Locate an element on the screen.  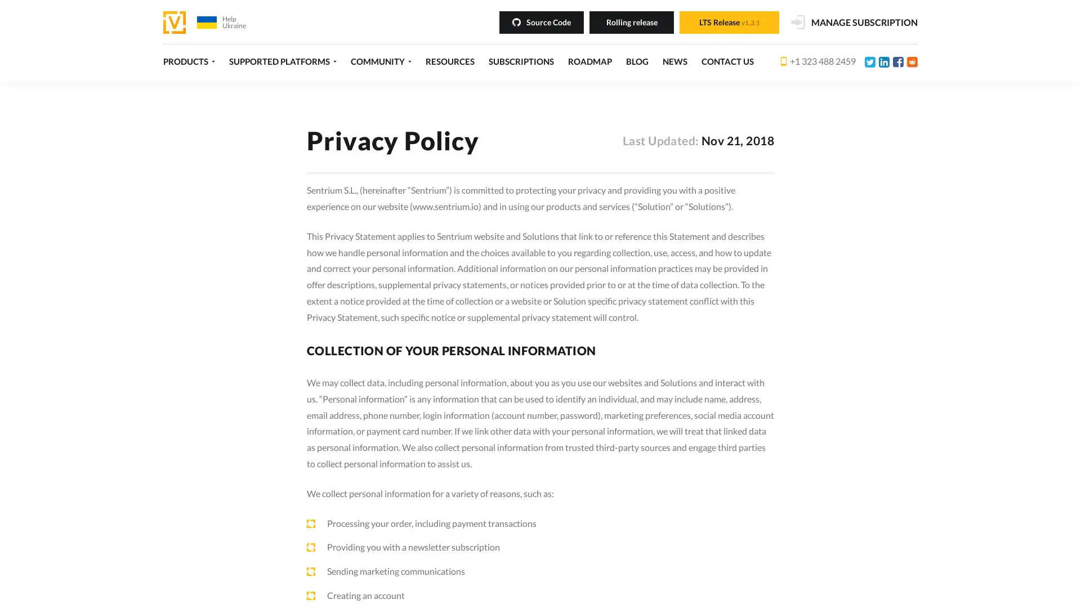
Decline is located at coordinates (745, 582).